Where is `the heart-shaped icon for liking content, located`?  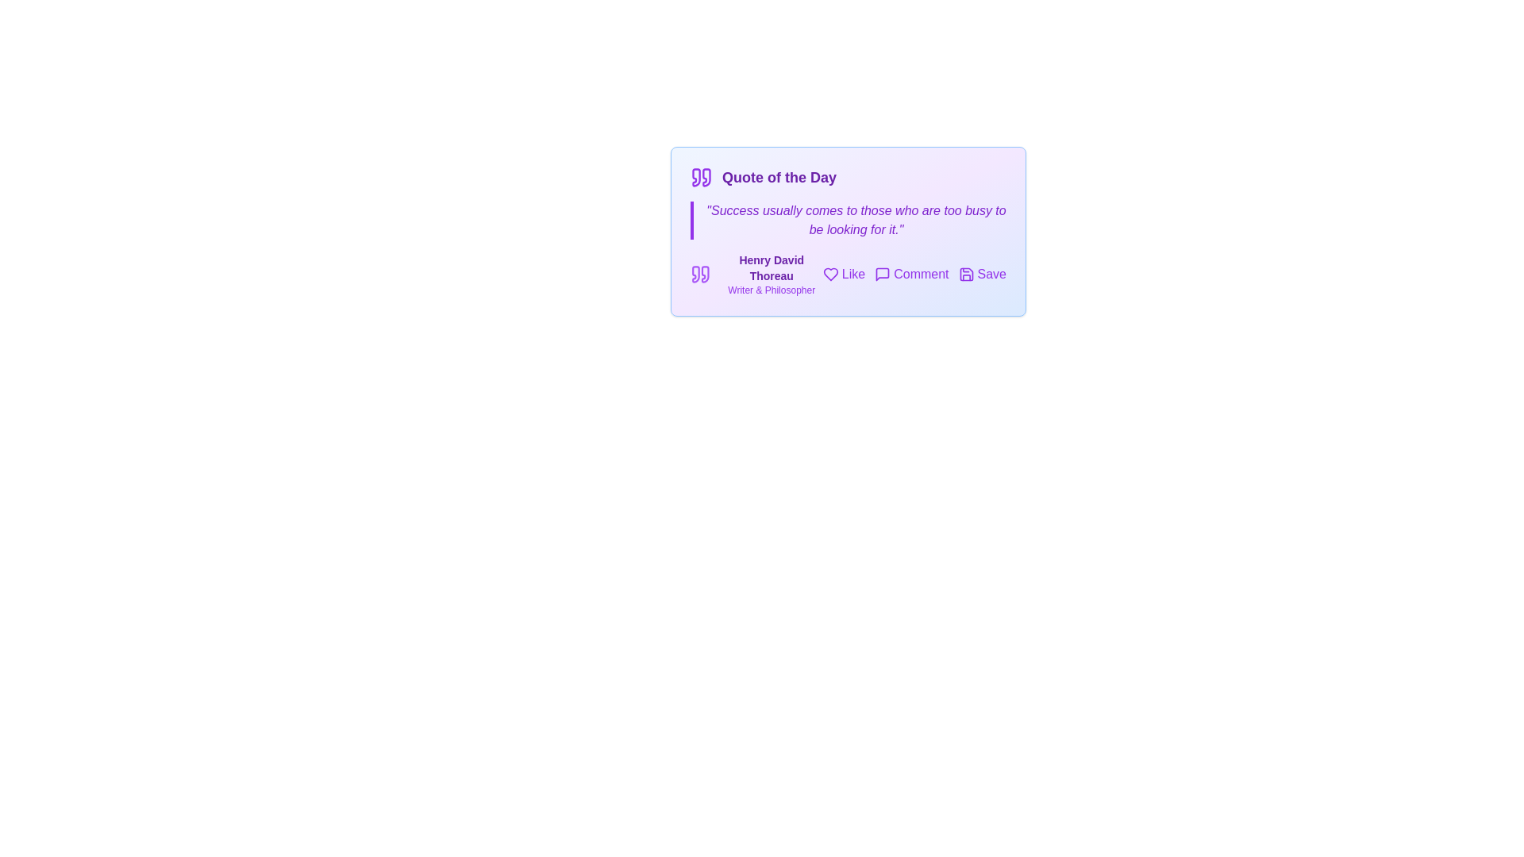 the heart-shaped icon for liking content, located is located at coordinates (829, 274).